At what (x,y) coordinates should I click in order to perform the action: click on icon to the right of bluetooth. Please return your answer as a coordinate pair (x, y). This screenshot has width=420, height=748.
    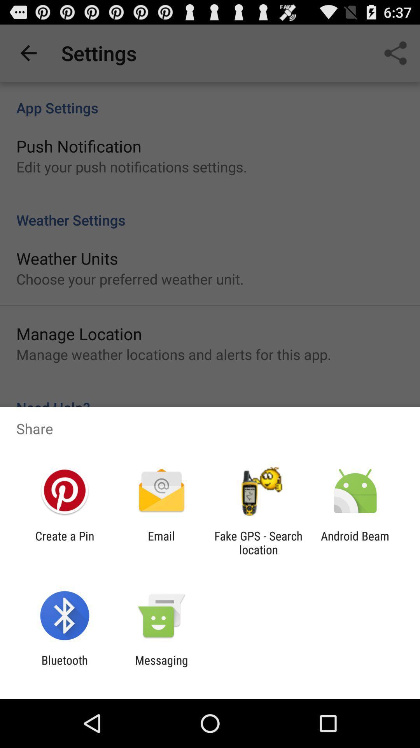
    Looking at the image, I should click on (161, 667).